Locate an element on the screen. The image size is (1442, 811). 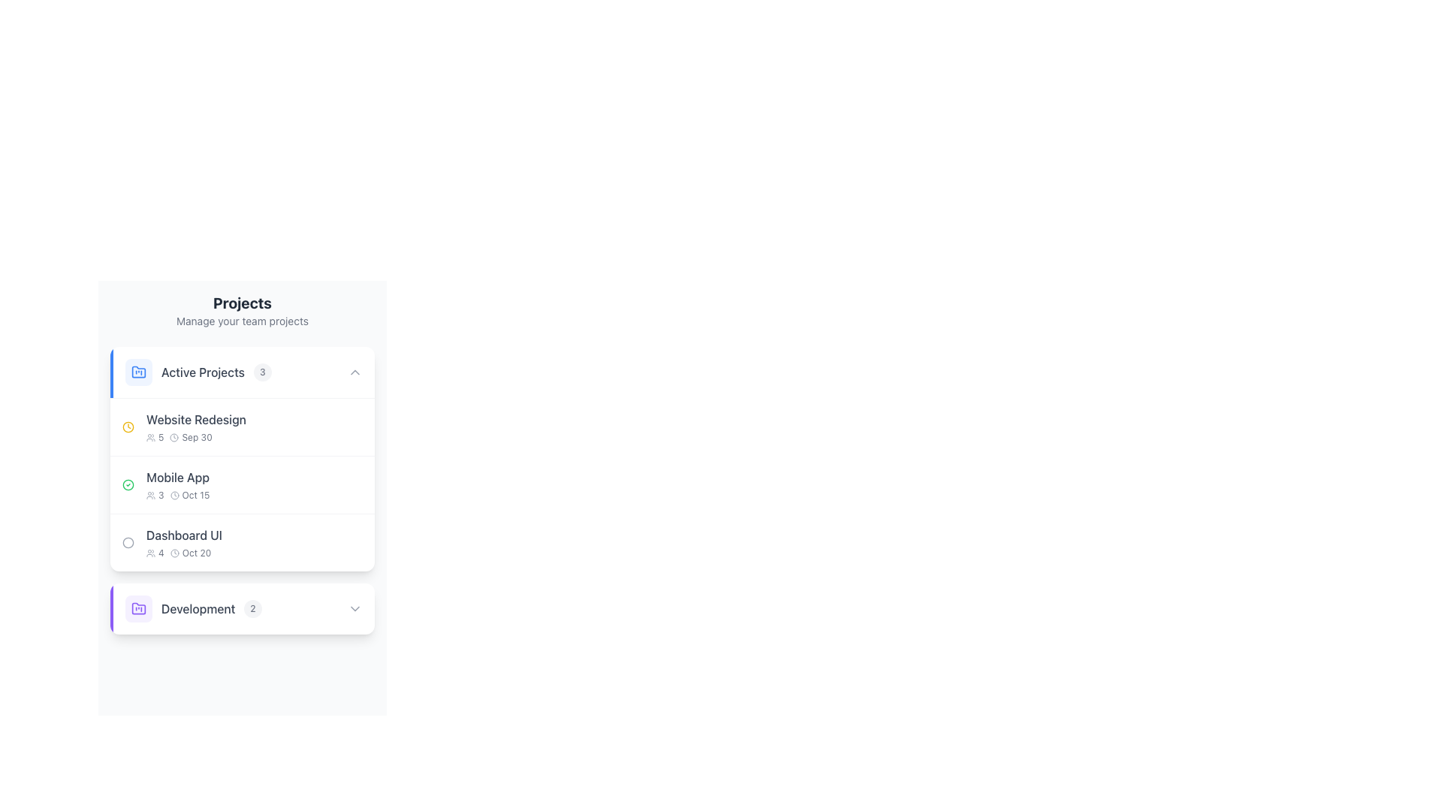
the project card representing the 'Website Redesign' project in the 'Active Projects' section of the 'Projects' interface is located at coordinates (195, 427).